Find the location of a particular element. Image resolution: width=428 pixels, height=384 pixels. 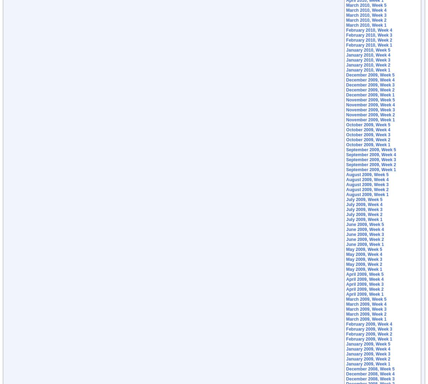

'July 2009, Week 4' is located at coordinates (346, 204).